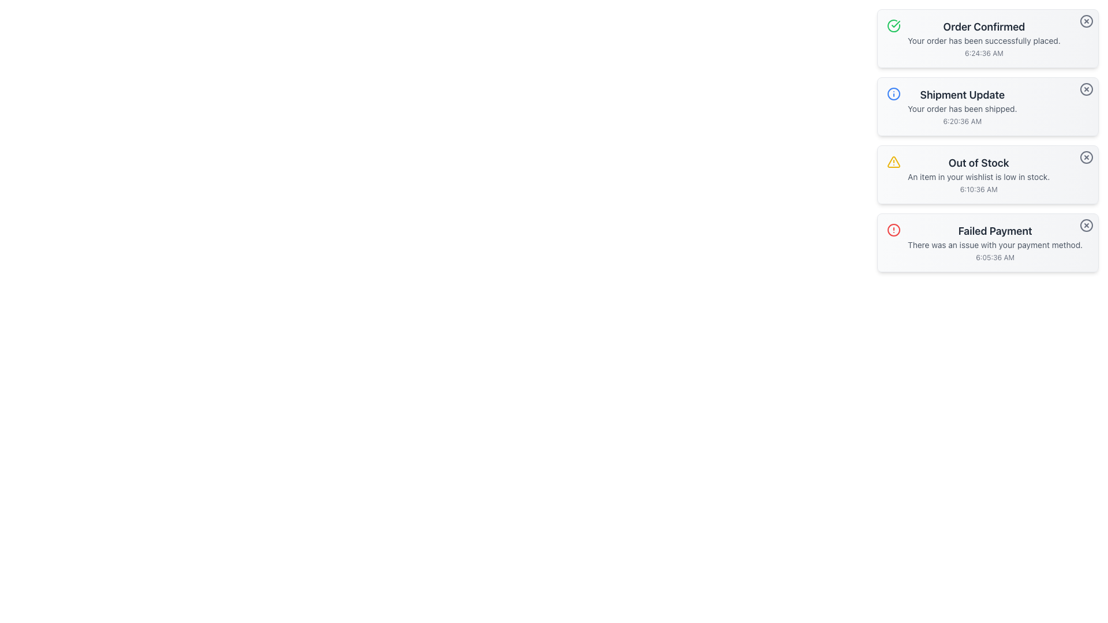 The width and height of the screenshot is (1108, 623). What do you see at coordinates (978, 175) in the screenshot?
I see `the Notification Card that indicates 'Out of Stock' with a description stating 'An item in your wishlist is low in stock.'` at bounding box center [978, 175].